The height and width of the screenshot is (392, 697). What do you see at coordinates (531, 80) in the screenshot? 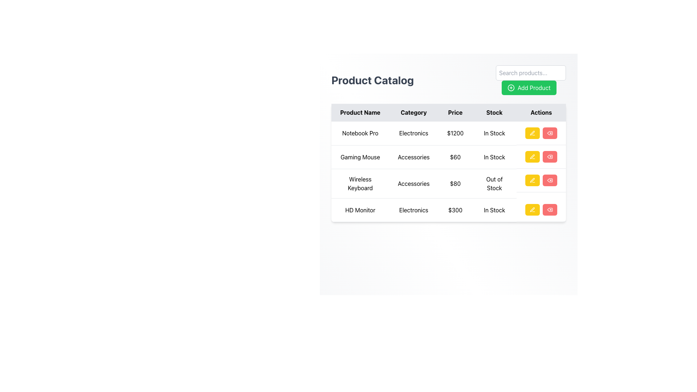
I see `the 'Add Product' button, which has a green background, white text, and a circular plus icon` at bounding box center [531, 80].